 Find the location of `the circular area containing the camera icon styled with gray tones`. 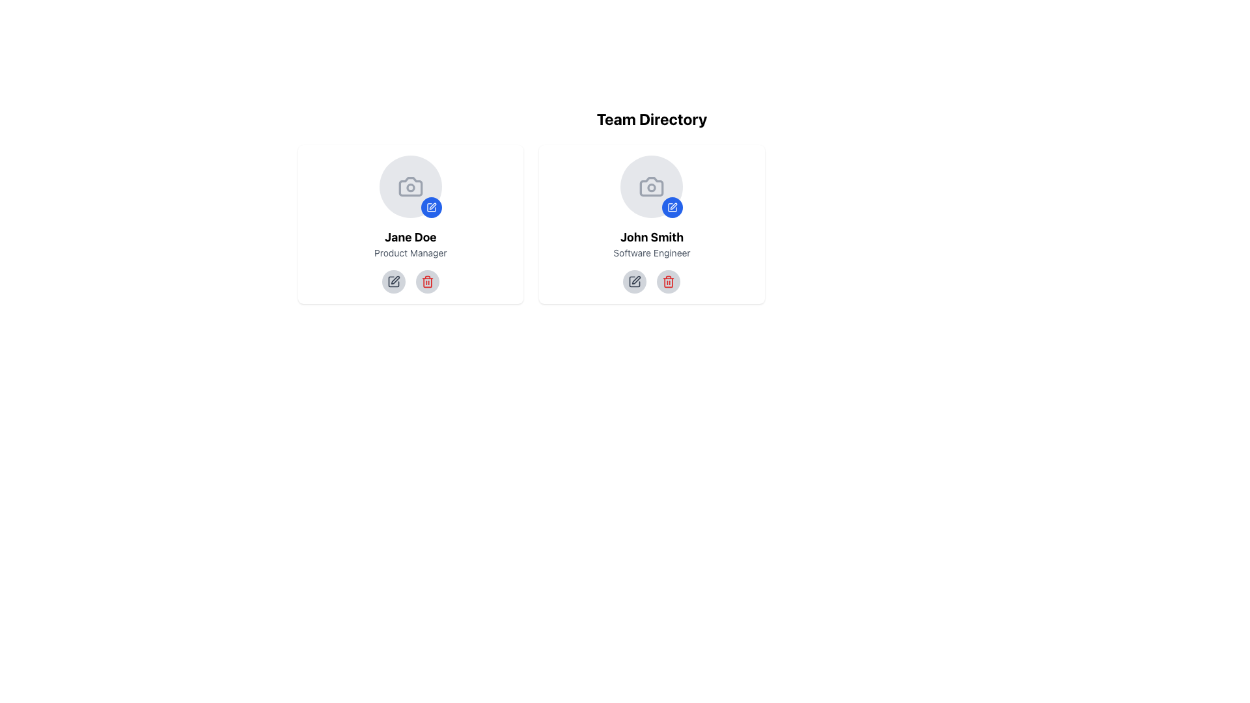

the circular area containing the camera icon styled with gray tones is located at coordinates (410, 186).